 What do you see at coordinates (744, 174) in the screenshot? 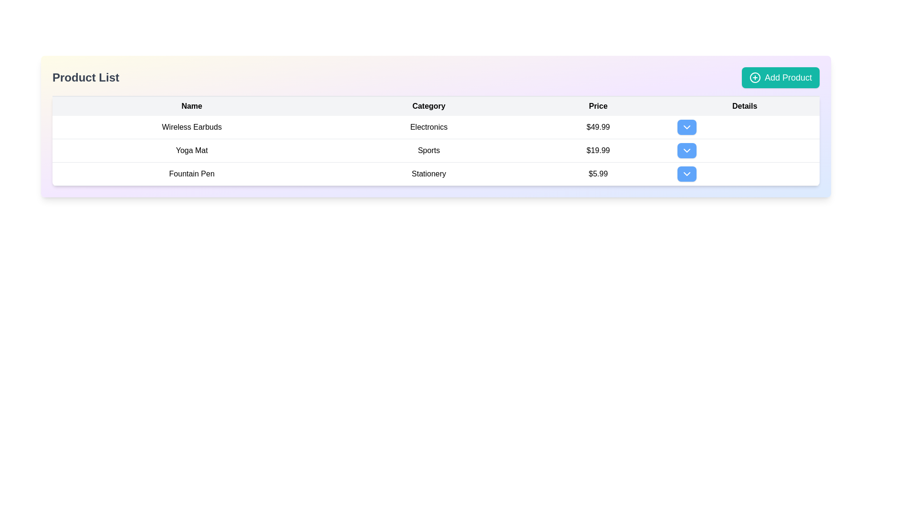
I see `the dropdown toggle button in the 'Details' column of the 'Fountain Pen' product row` at bounding box center [744, 174].